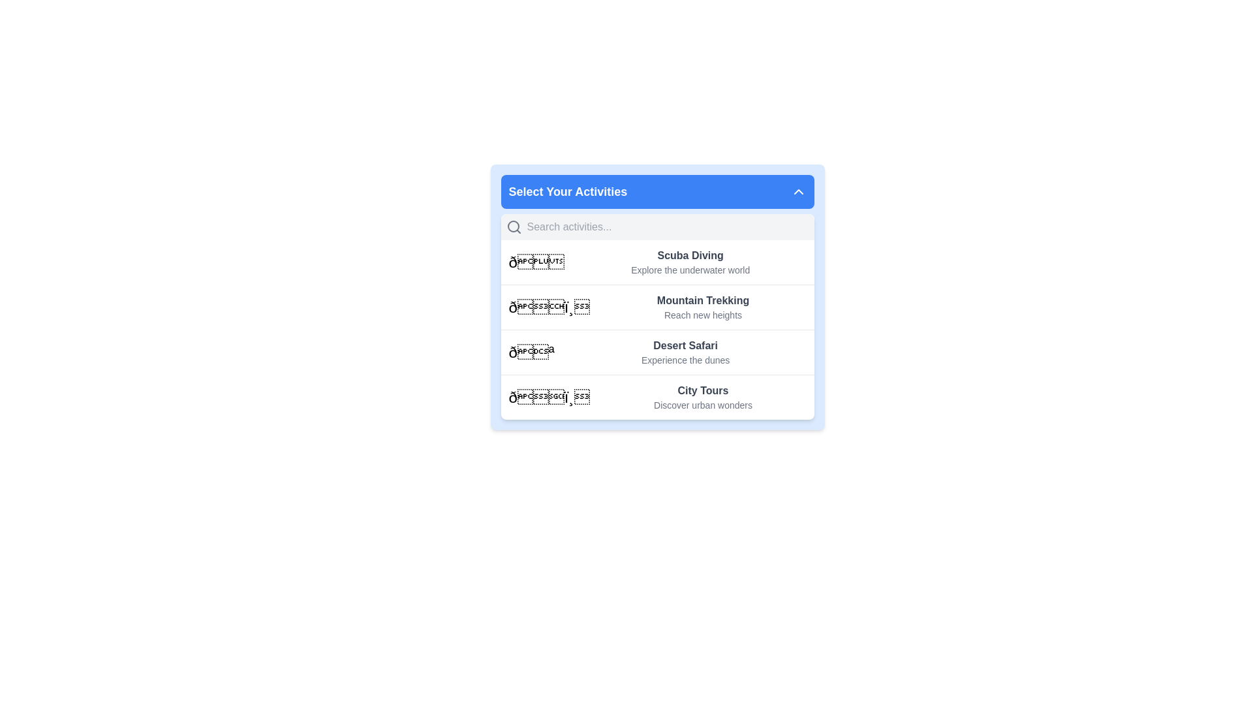 The width and height of the screenshot is (1253, 705). I want to click on descriptive text label about 'Mountain Trekking' located directly underneath the bold heading in the second item of the vertical list under 'Select Your Activities', so click(702, 315).